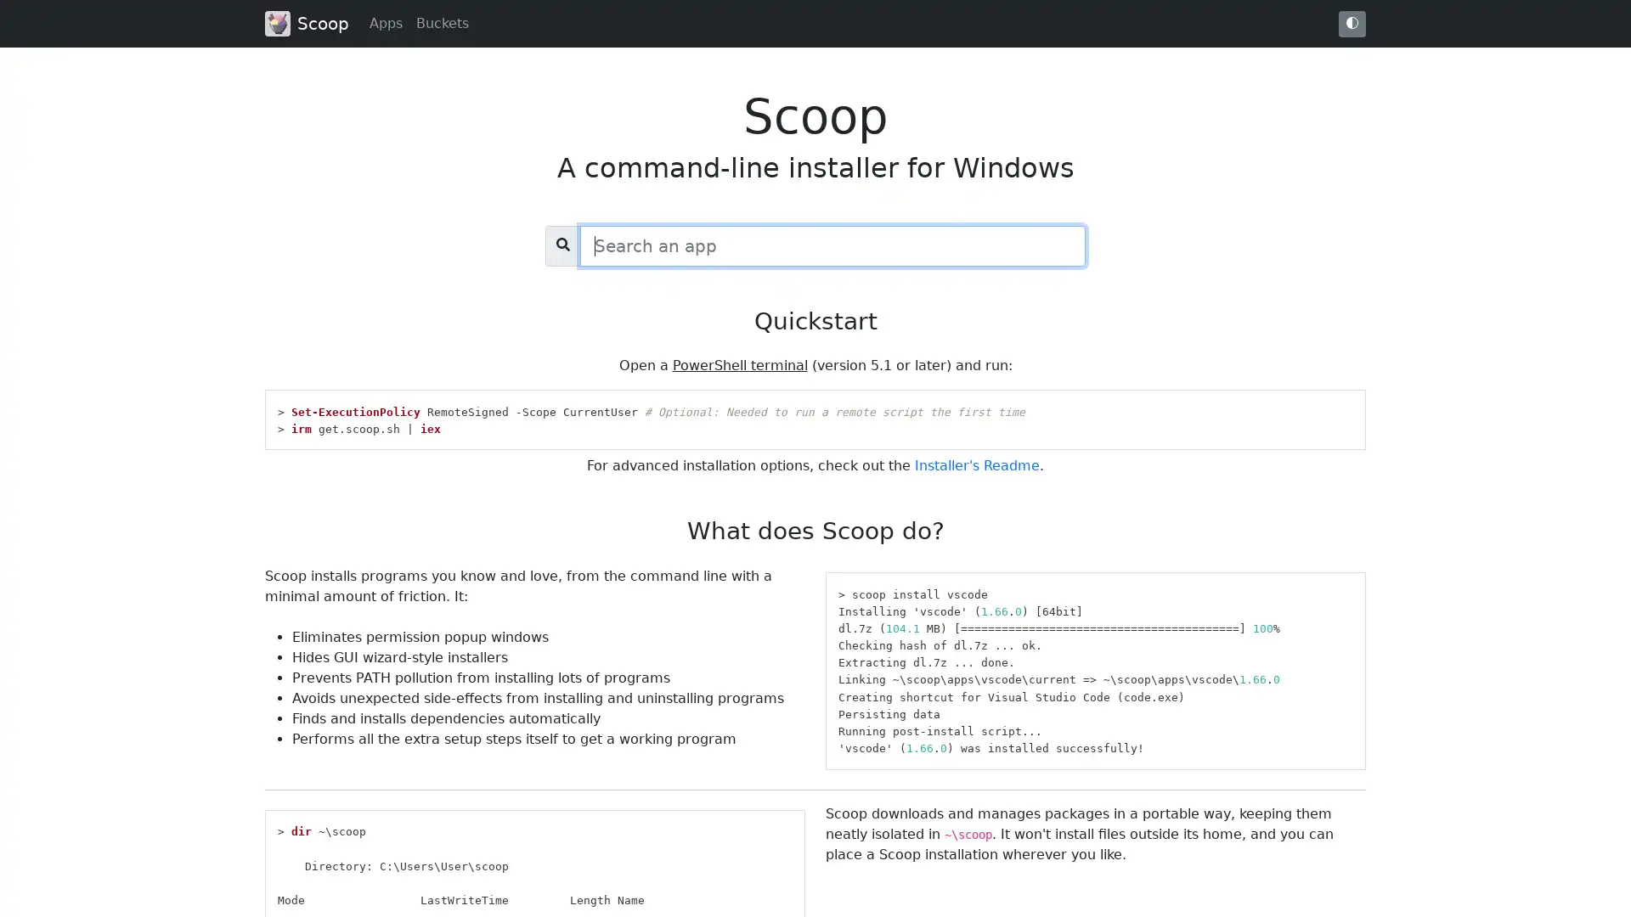  Describe the element at coordinates (1352, 23) in the screenshot. I see `Auto mode. Click to switch to dark mode` at that location.